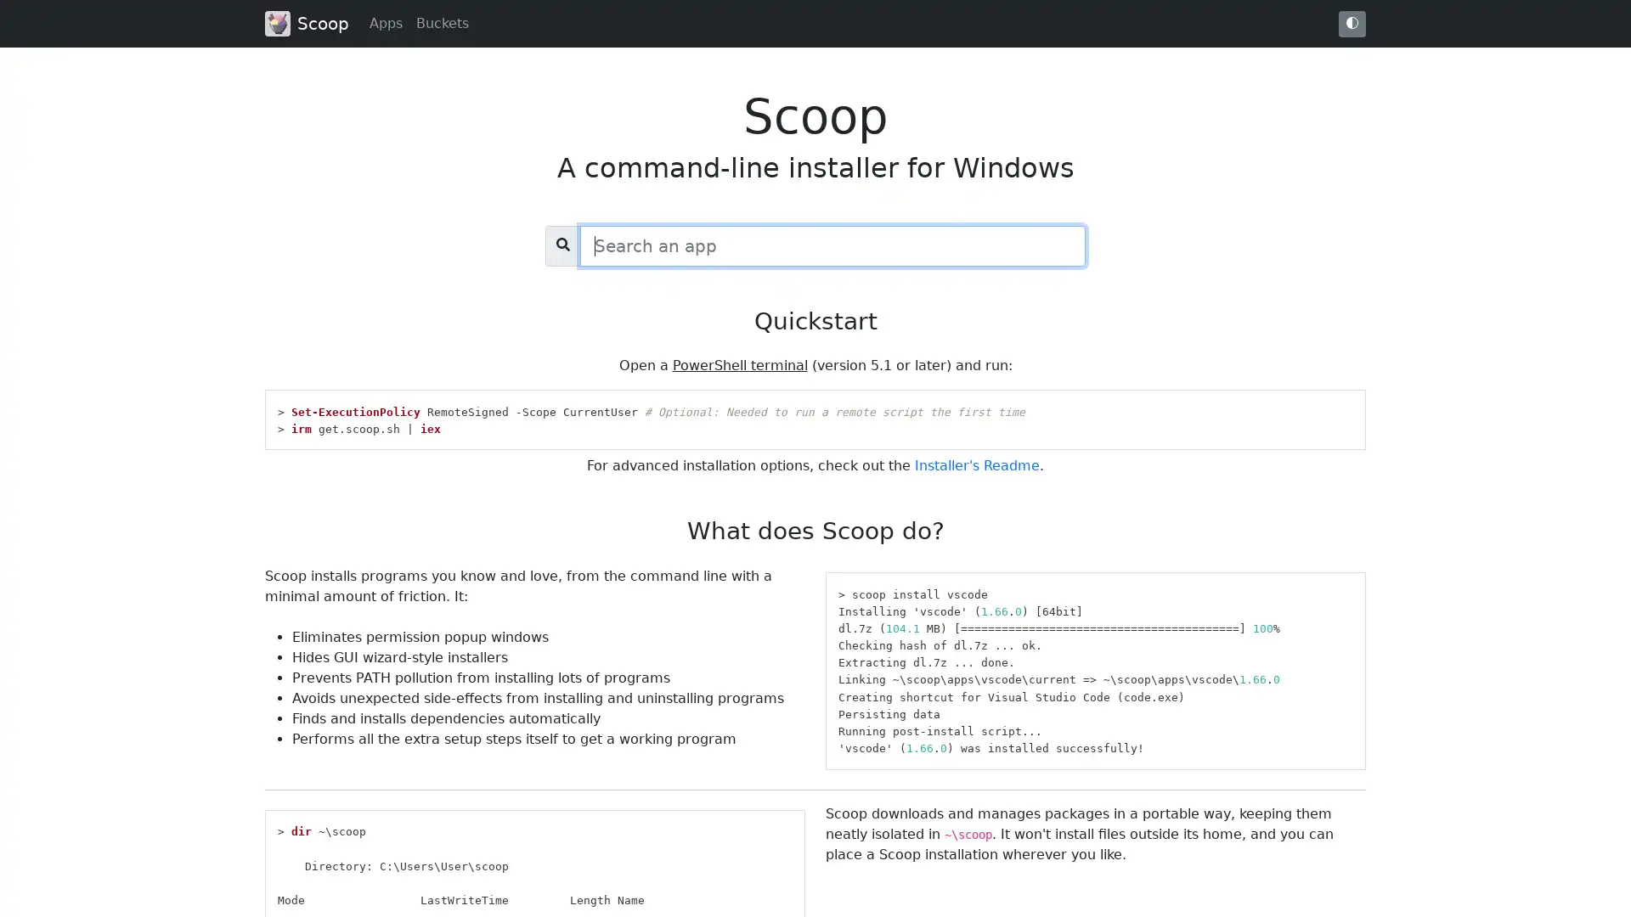  Describe the element at coordinates (1352, 23) in the screenshot. I see `Auto mode. Click to switch to dark mode` at that location.